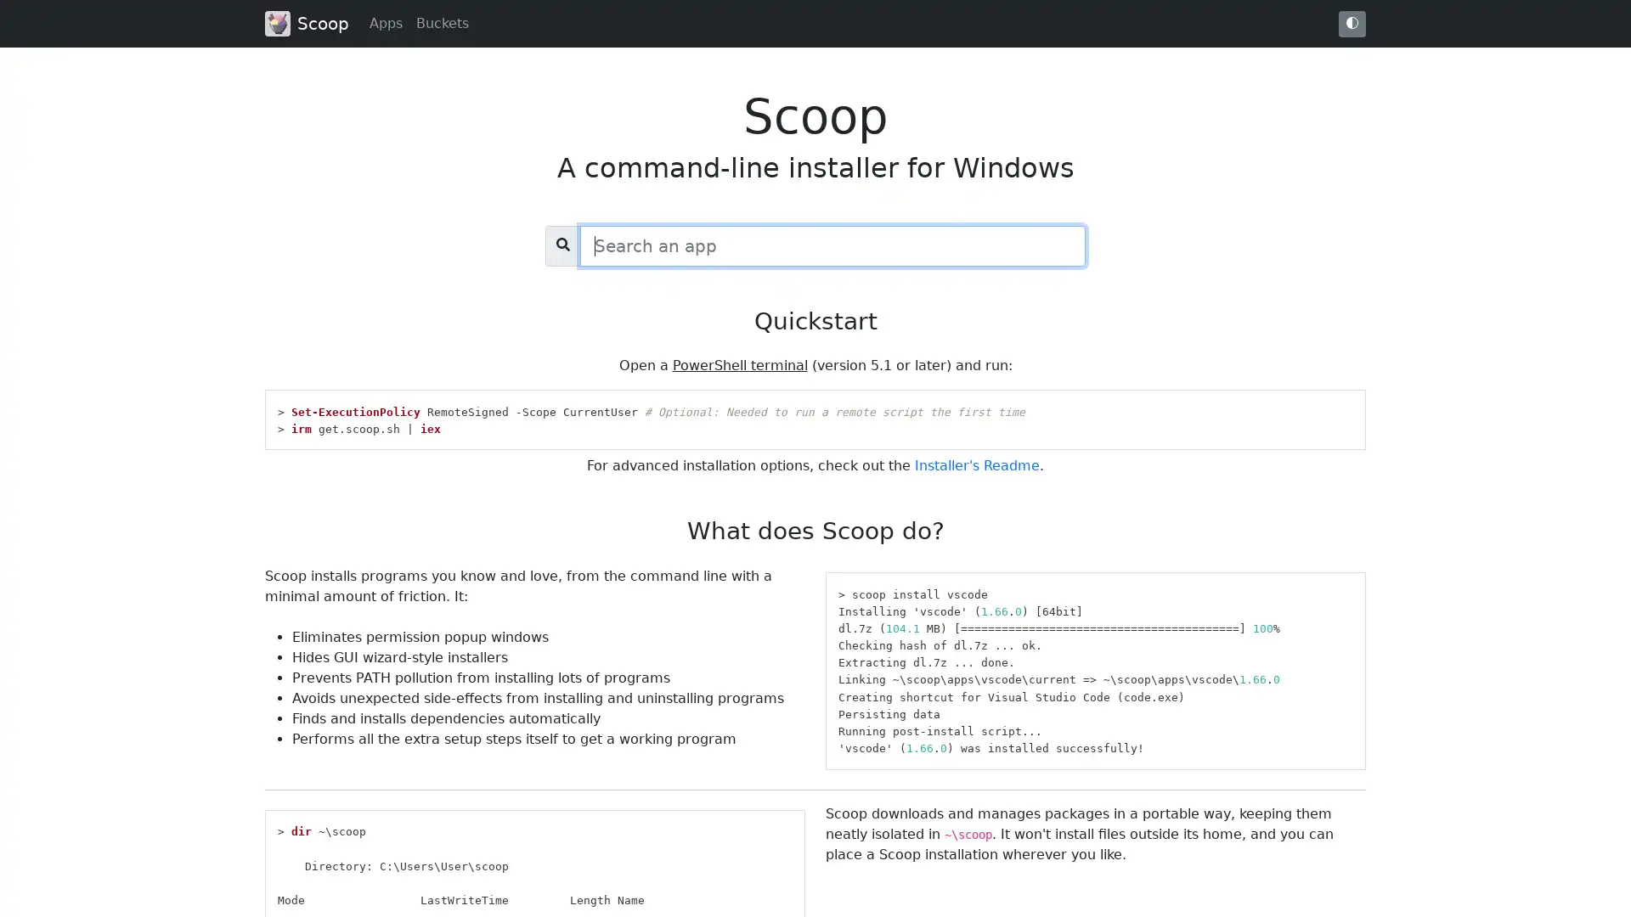  Describe the element at coordinates (1352, 23) in the screenshot. I see `Auto mode. Click to switch to dark mode` at that location.